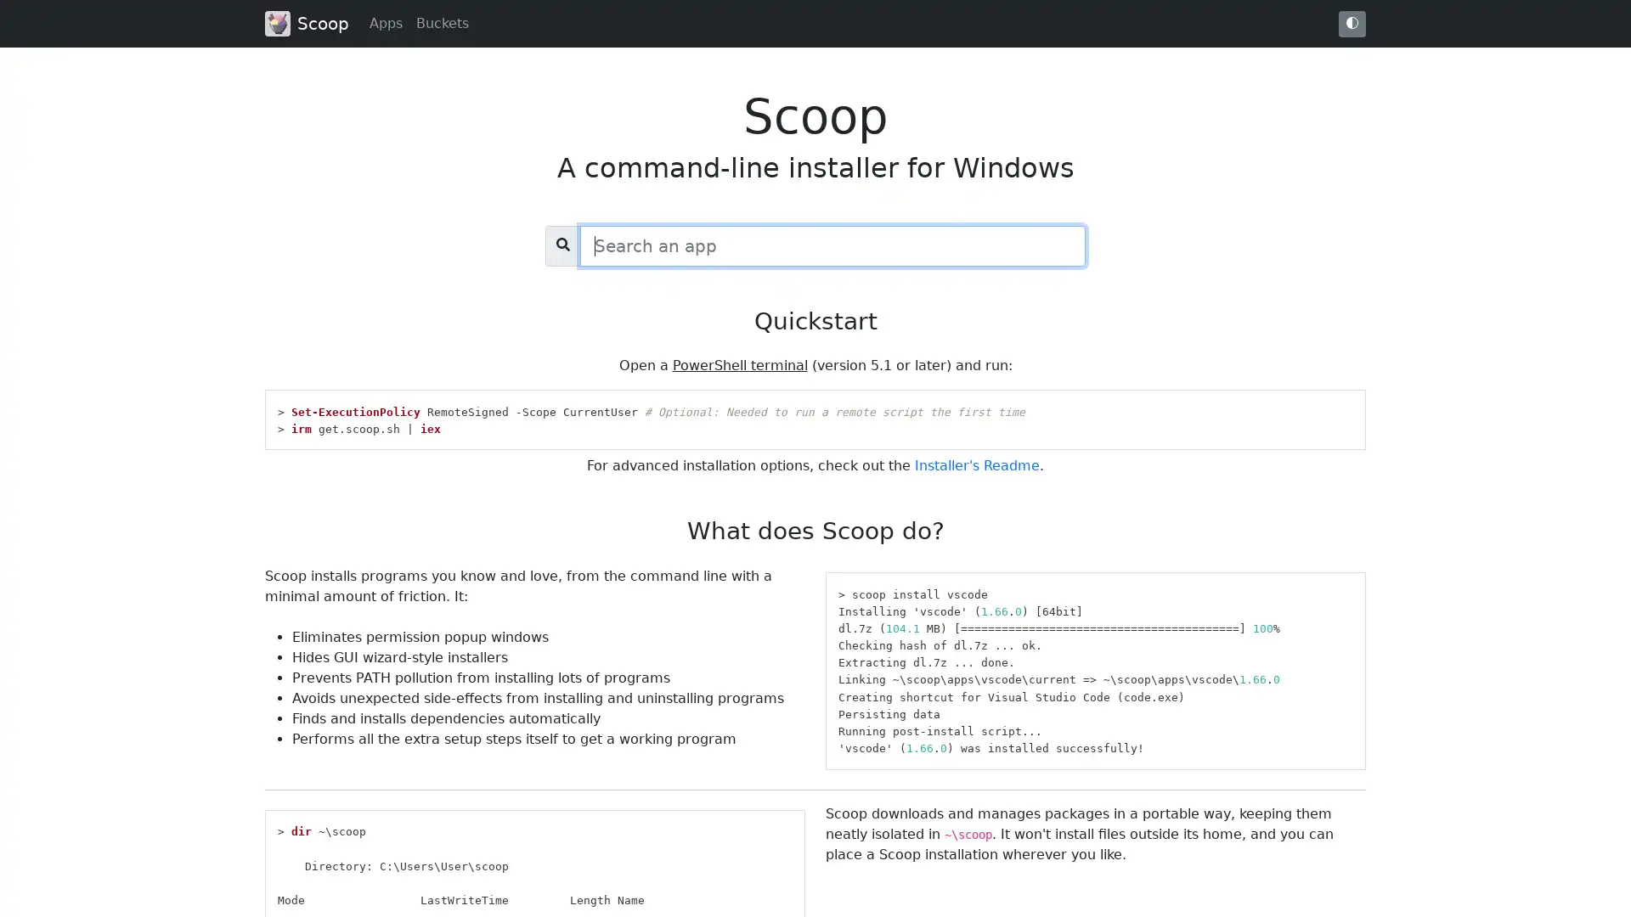  Describe the element at coordinates (1352, 23) in the screenshot. I see `Auto mode. Click to switch to dark mode` at that location.